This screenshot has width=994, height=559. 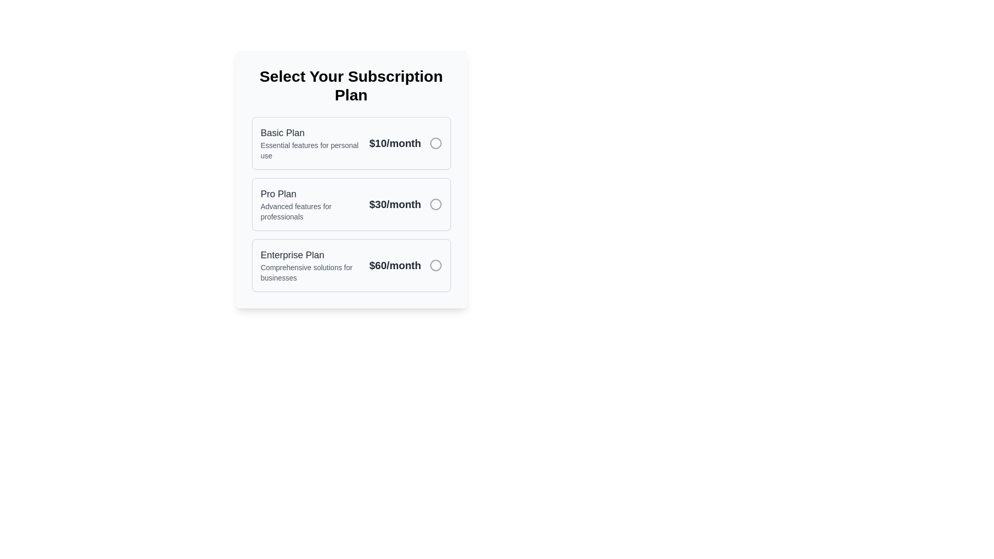 I want to click on the radio button, so click(x=435, y=204).